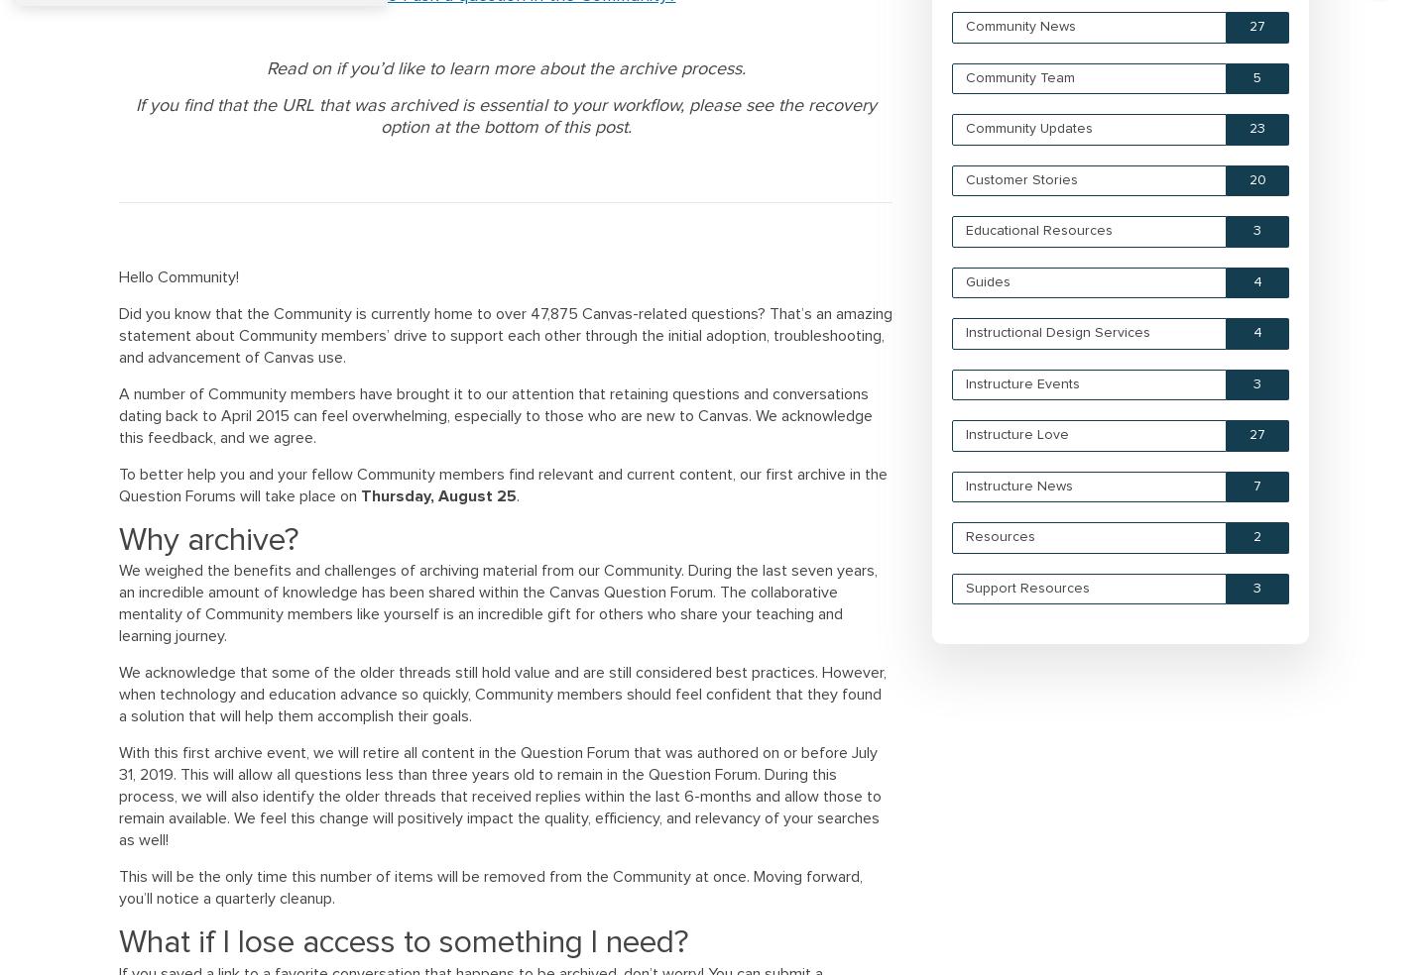  What do you see at coordinates (1022, 383) in the screenshot?
I see `'Instructure Events'` at bounding box center [1022, 383].